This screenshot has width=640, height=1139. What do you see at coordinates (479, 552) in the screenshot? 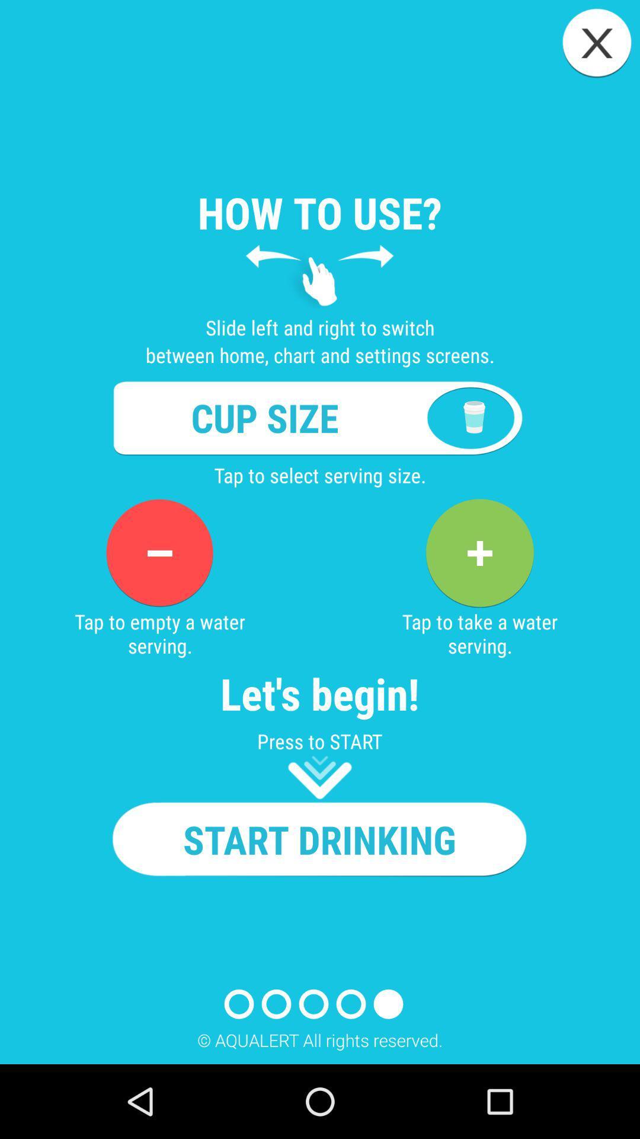
I see `the item above tap to take icon` at bounding box center [479, 552].